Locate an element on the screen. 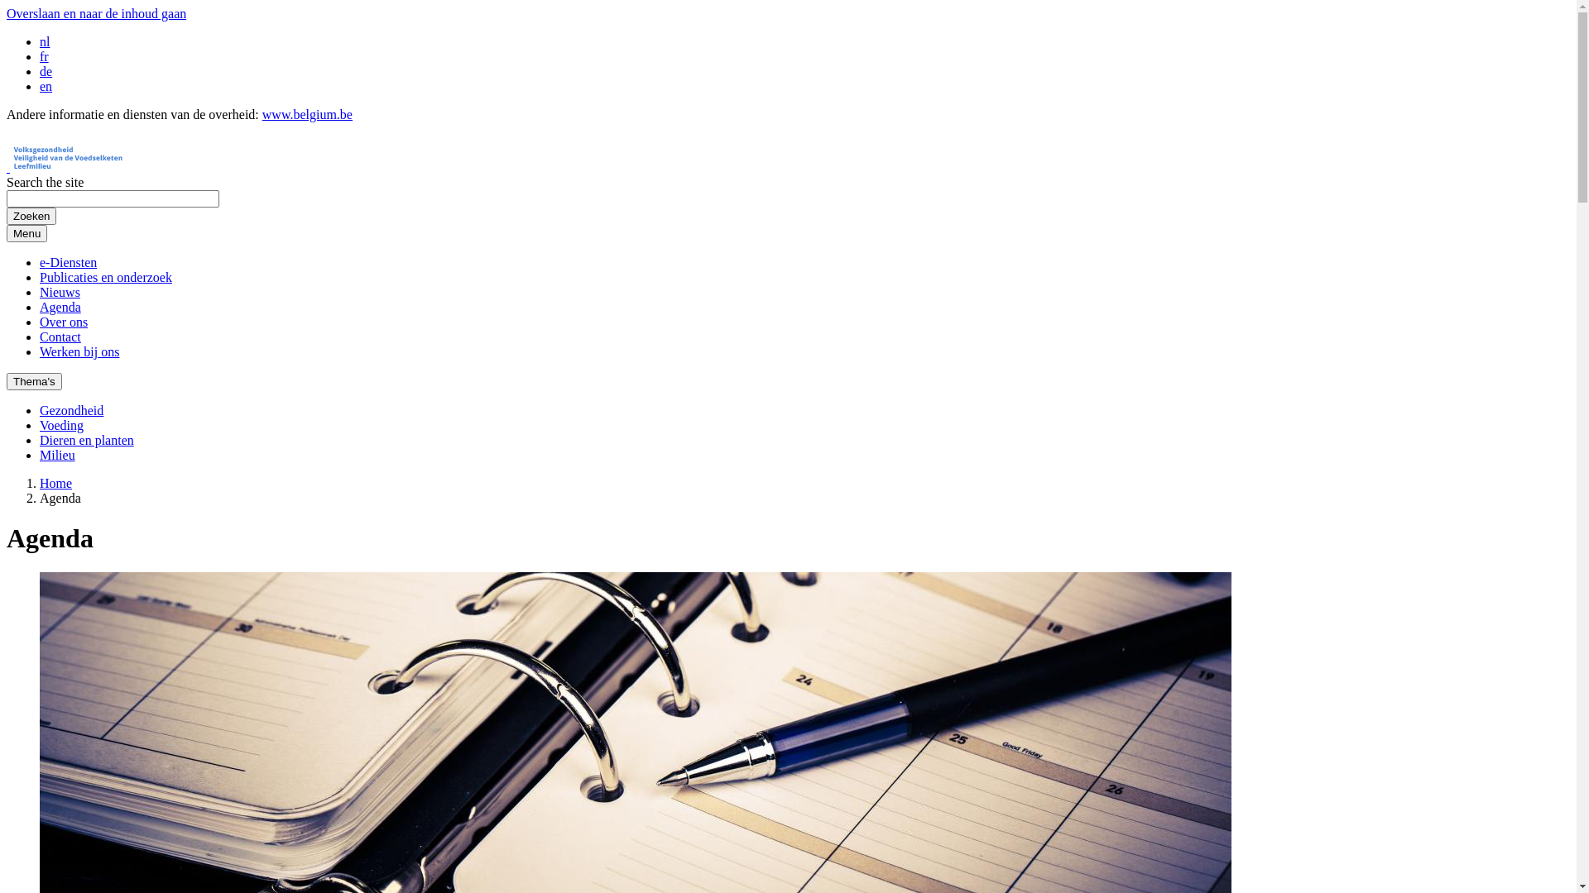 The height and width of the screenshot is (893, 1589). 'Gezondheid' is located at coordinates (40, 409).